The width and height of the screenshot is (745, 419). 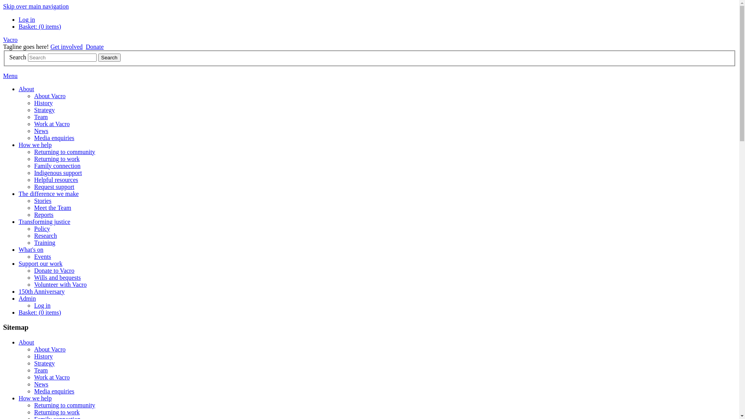 I want to click on 'Strategy', so click(x=33, y=110).